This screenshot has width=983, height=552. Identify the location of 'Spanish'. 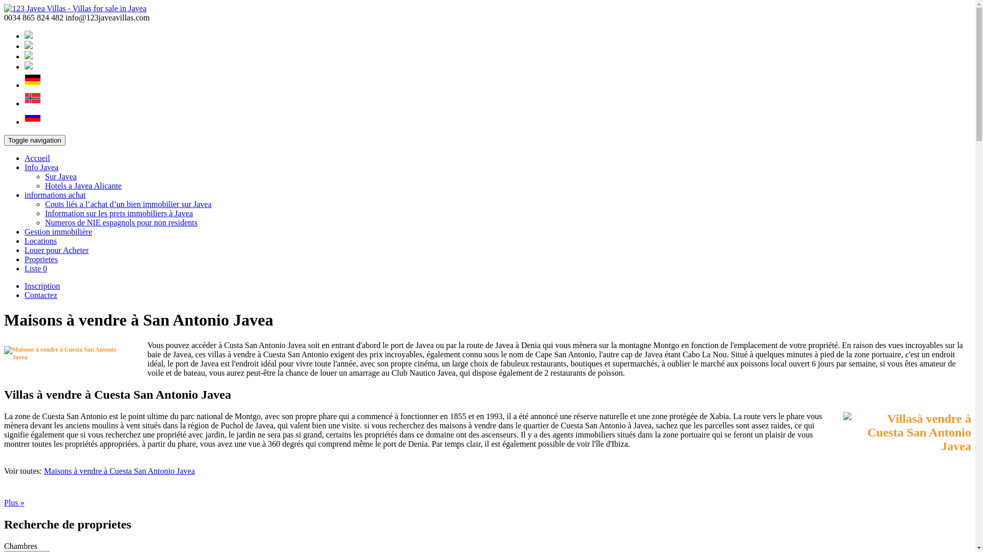
(29, 56).